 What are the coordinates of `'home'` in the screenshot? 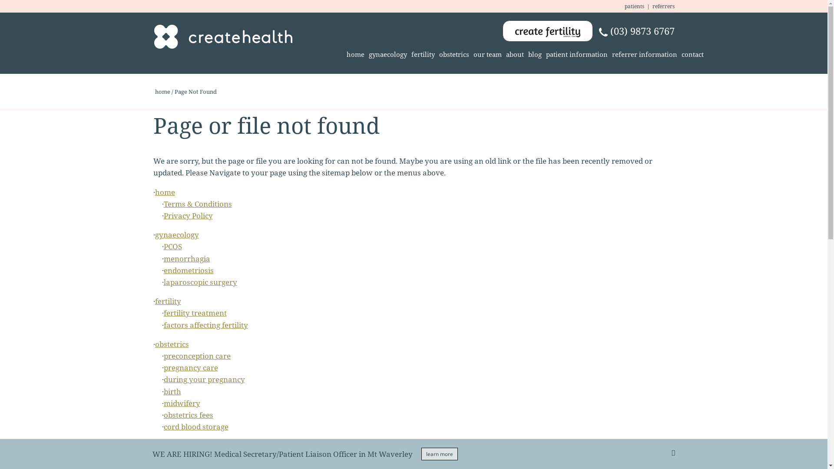 It's located at (162, 92).